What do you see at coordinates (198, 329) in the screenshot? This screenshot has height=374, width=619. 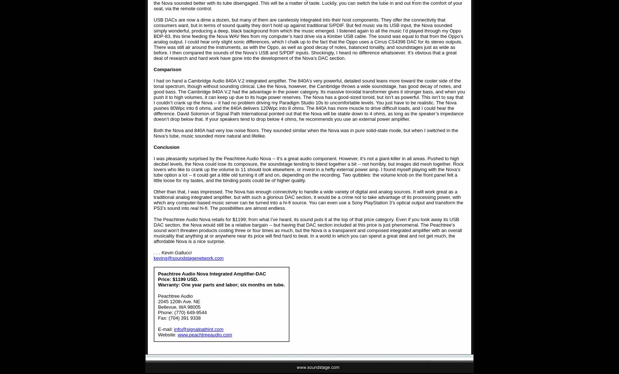 I see `'info@signalpathint.com'` at bounding box center [198, 329].